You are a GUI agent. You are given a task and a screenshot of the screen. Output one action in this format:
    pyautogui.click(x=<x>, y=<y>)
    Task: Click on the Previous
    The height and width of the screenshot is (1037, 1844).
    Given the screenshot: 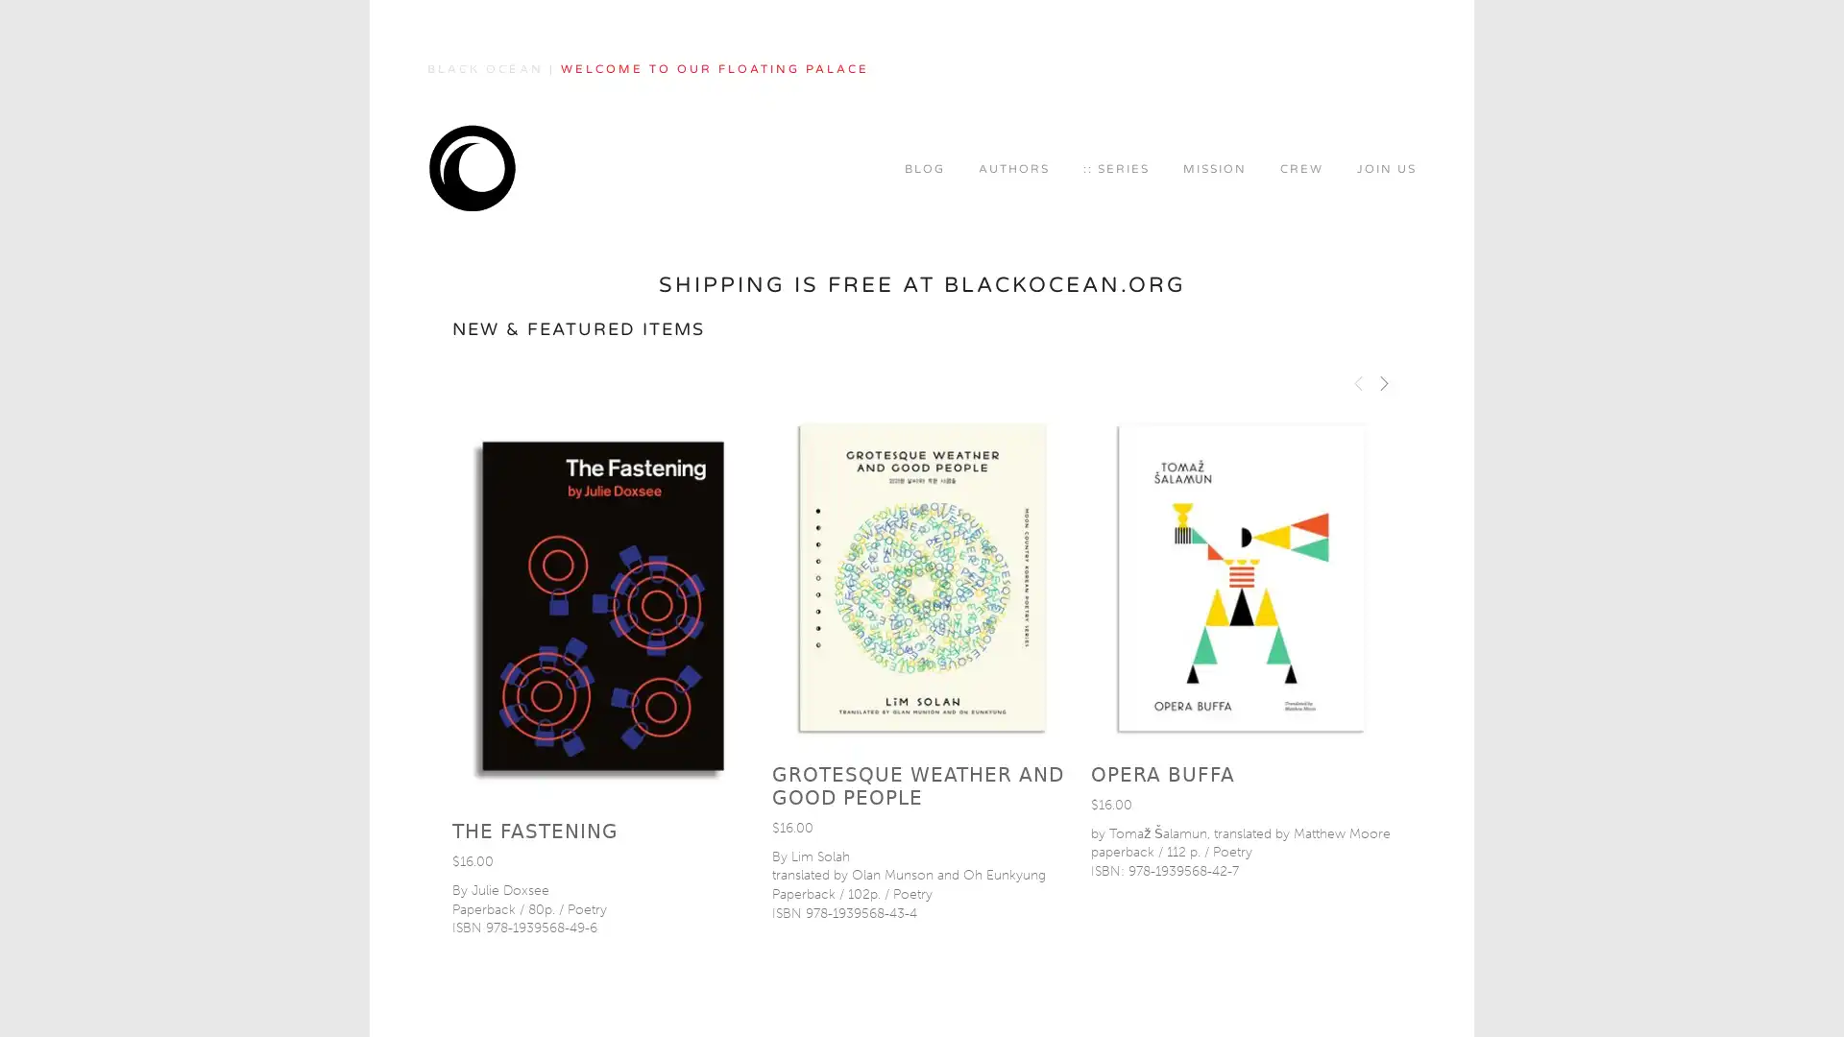 What is the action you would take?
    pyautogui.click(x=1358, y=381)
    